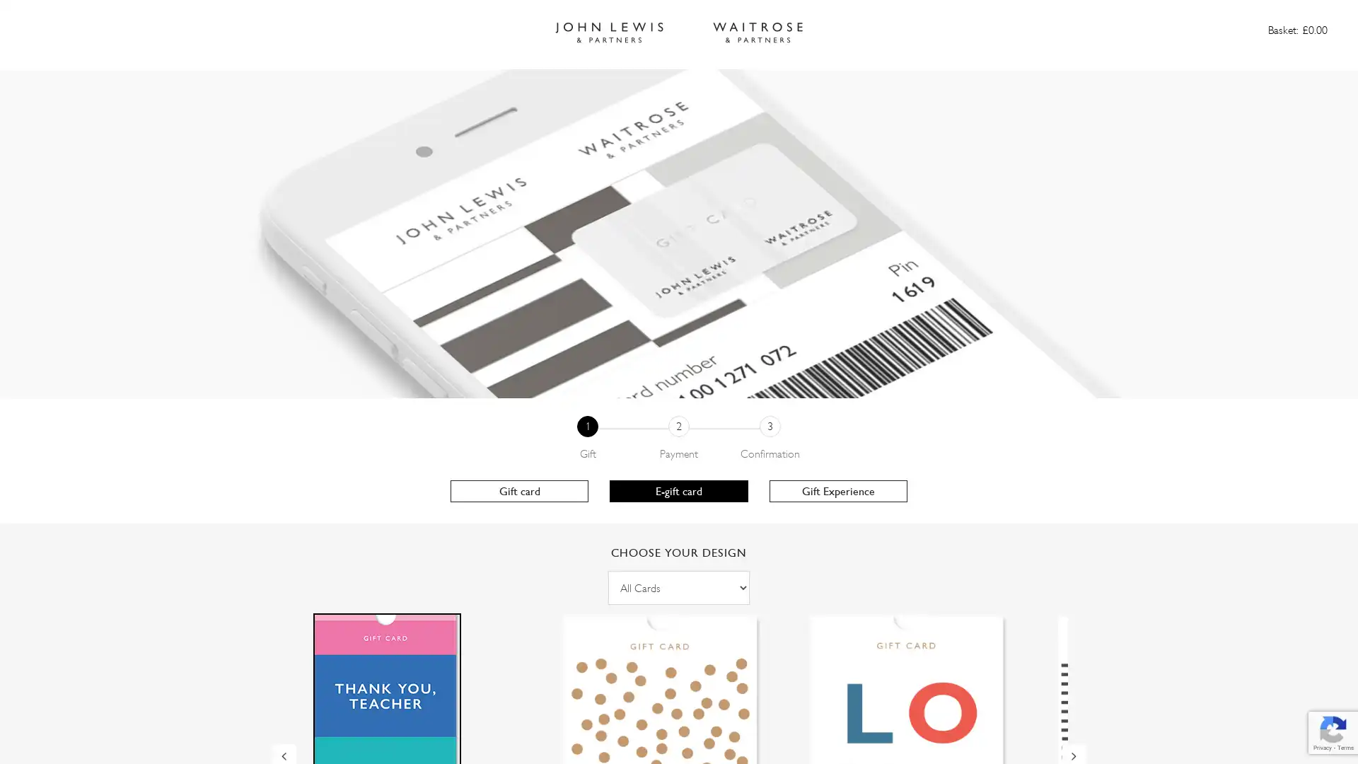 This screenshot has height=764, width=1358. Describe the element at coordinates (1074, 720) in the screenshot. I see `Next` at that location.